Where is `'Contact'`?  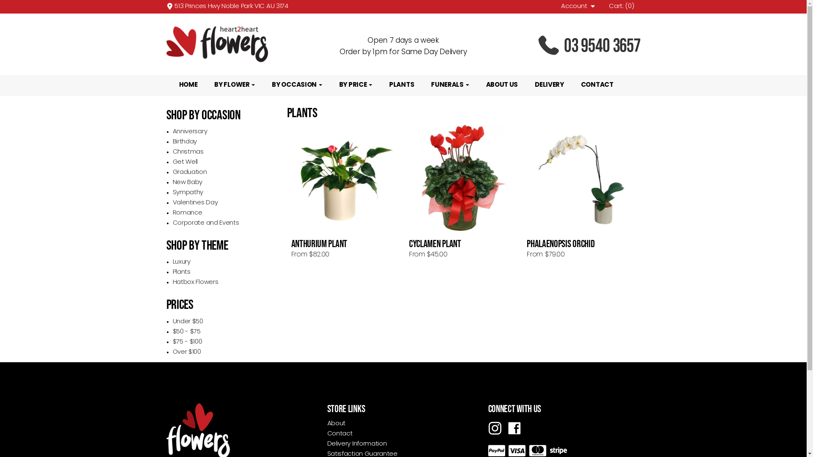
'Contact' is located at coordinates (326, 434).